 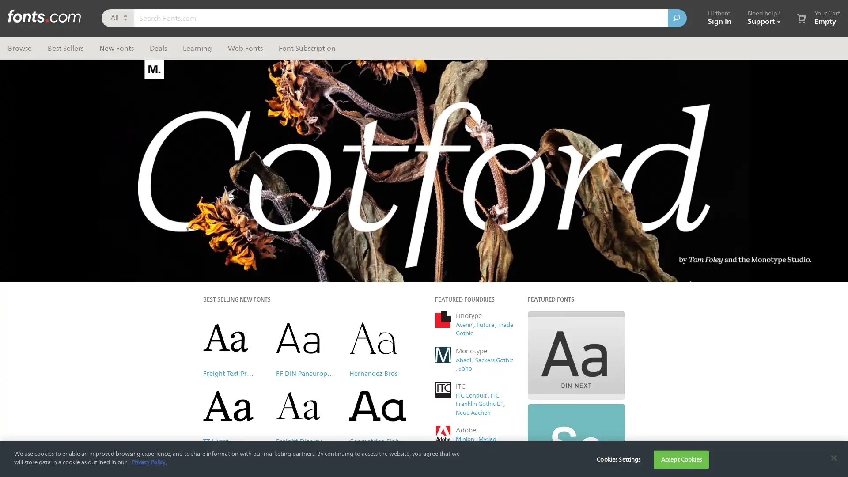 I want to click on Accept Cookies, so click(x=681, y=459).